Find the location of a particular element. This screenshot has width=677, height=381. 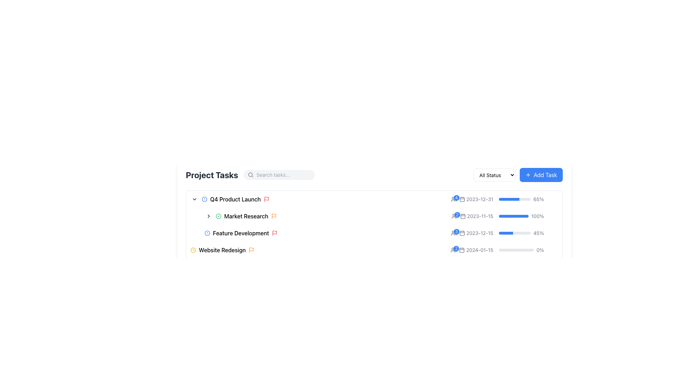

the 'Add Task' icon located on the left side of the text label within the button in the top-right corner of the interface is located at coordinates (528, 175).